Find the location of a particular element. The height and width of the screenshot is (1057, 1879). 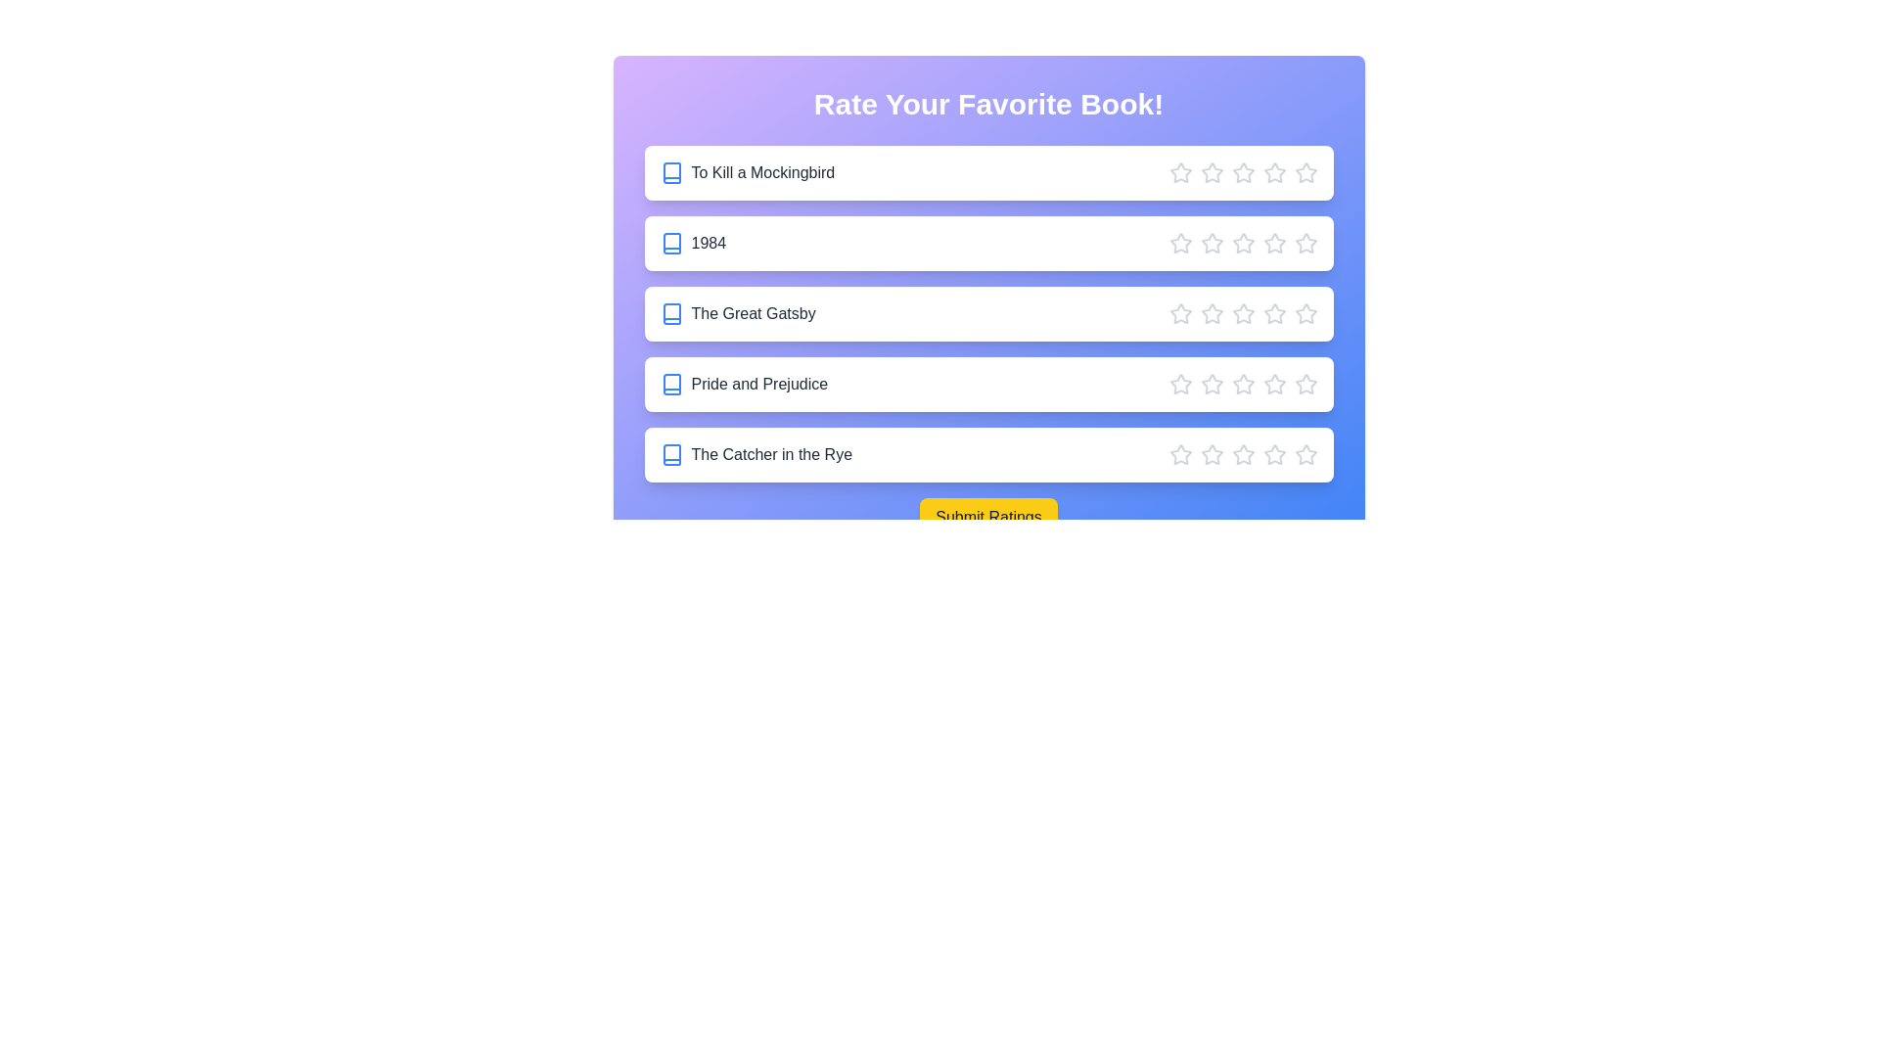

the star corresponding to 2 stars for the book To Kill a Mockingbird is located at coordinates (1211, 172).